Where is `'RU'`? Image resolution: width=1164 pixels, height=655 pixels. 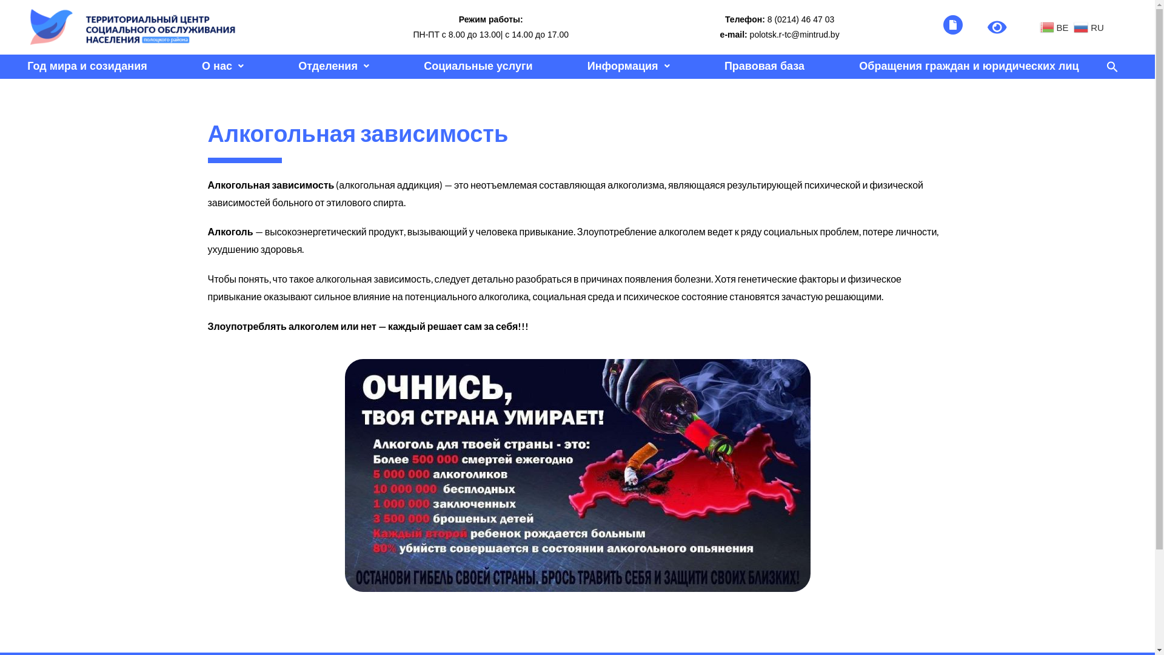 'RU' is located at coordinates (1090, 26).